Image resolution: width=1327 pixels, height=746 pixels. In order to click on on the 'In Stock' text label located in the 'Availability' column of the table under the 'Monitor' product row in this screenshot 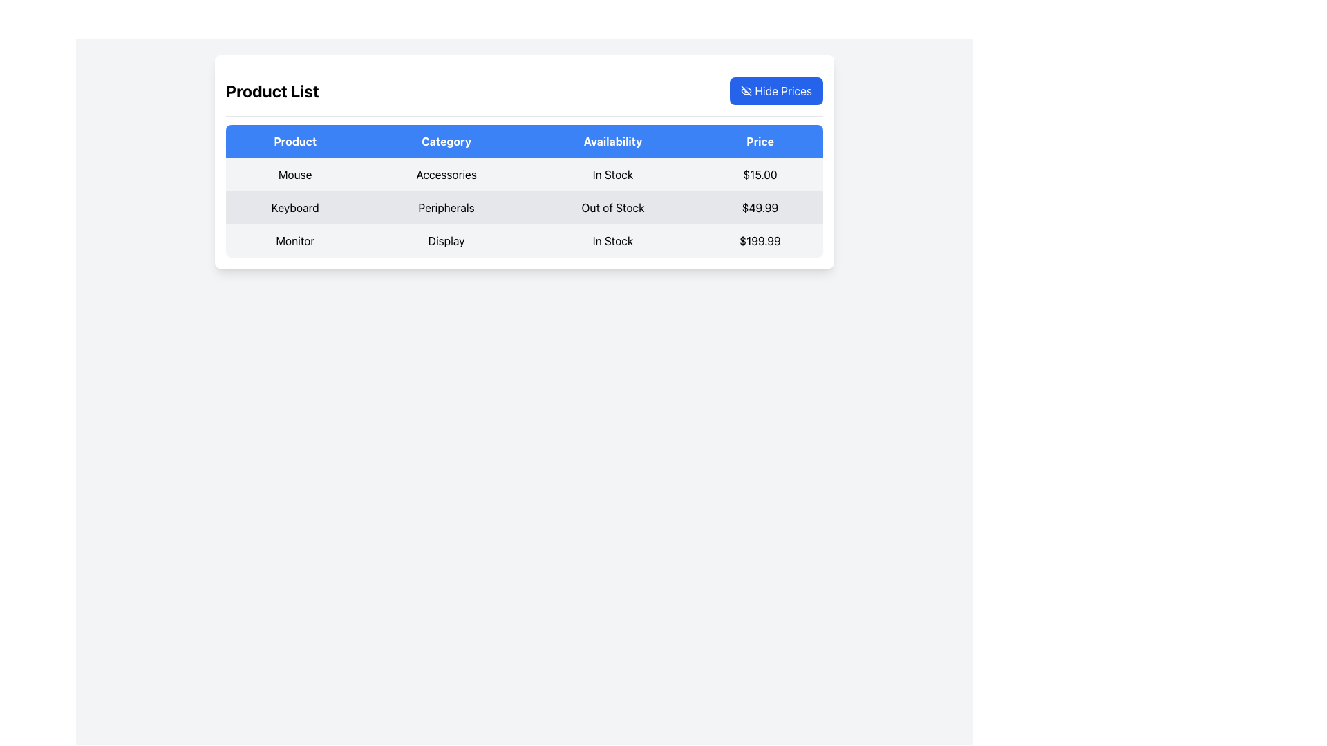, I will do `click(612, 240)`.